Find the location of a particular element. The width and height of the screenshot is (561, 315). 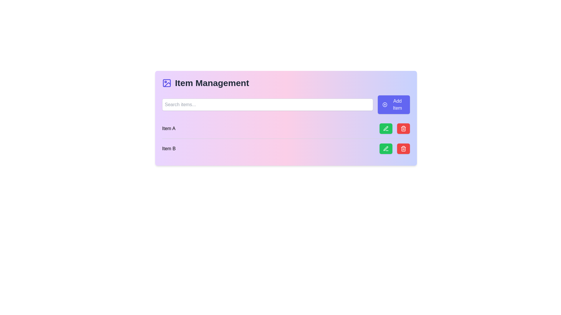

the edit icon button associated with 'Item B' is located at coordinates (386, 128).